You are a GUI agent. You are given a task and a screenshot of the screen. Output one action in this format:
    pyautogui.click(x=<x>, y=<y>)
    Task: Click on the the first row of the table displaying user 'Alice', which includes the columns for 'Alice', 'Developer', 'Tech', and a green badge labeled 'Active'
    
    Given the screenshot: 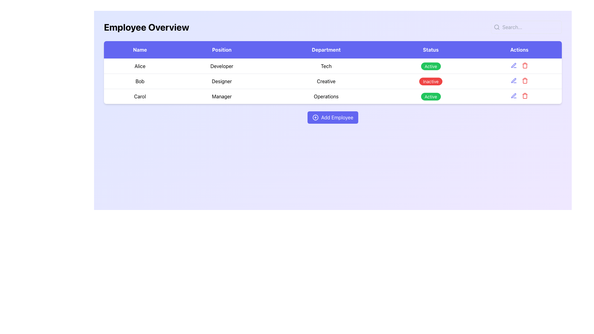 What is the action you would take?
    pyautogui.click(x=332, y=66)
    